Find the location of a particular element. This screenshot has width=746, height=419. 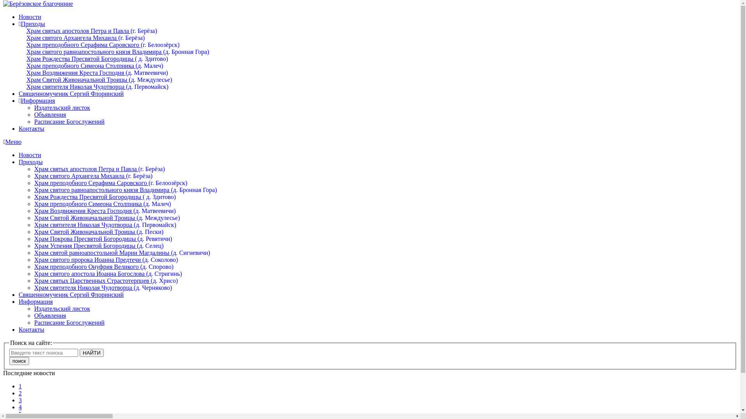

'1' is located at coordinates (20, 386).